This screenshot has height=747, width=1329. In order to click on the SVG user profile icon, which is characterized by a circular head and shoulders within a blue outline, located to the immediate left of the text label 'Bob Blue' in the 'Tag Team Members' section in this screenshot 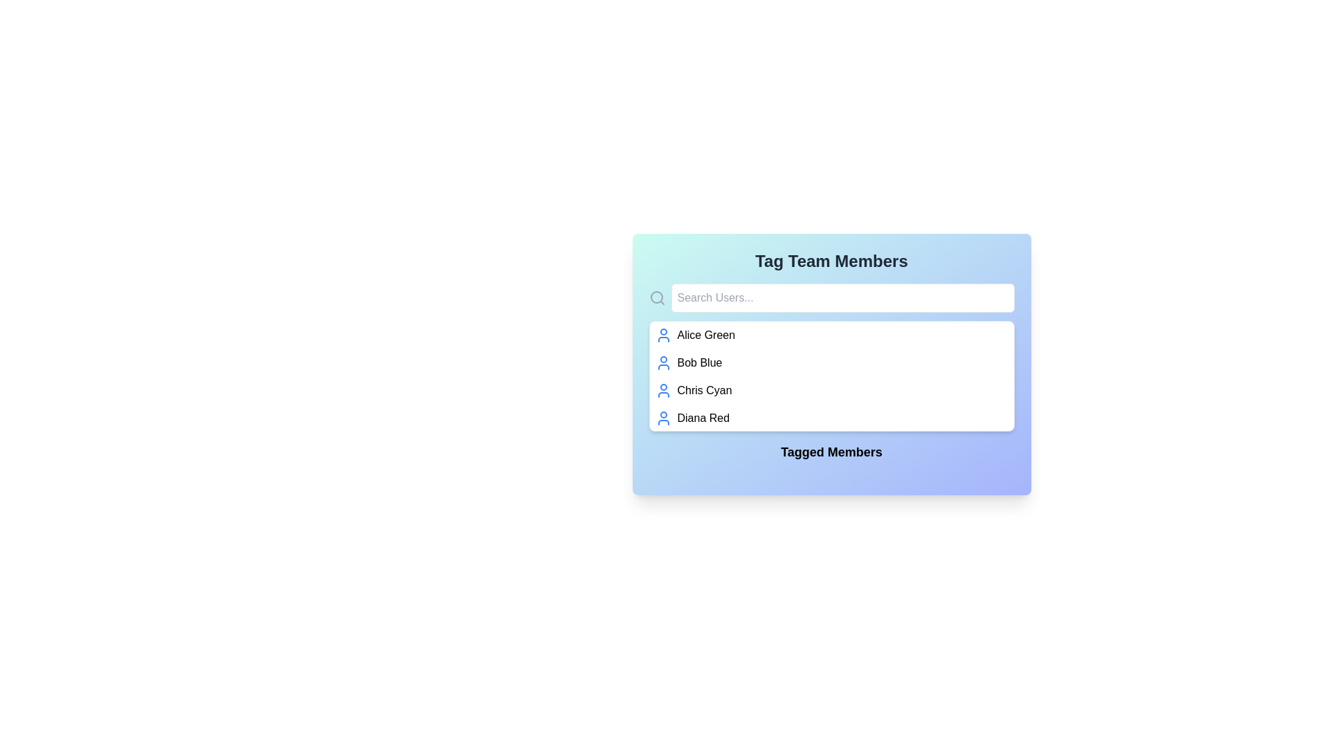, I will do `click(662, 362)`.